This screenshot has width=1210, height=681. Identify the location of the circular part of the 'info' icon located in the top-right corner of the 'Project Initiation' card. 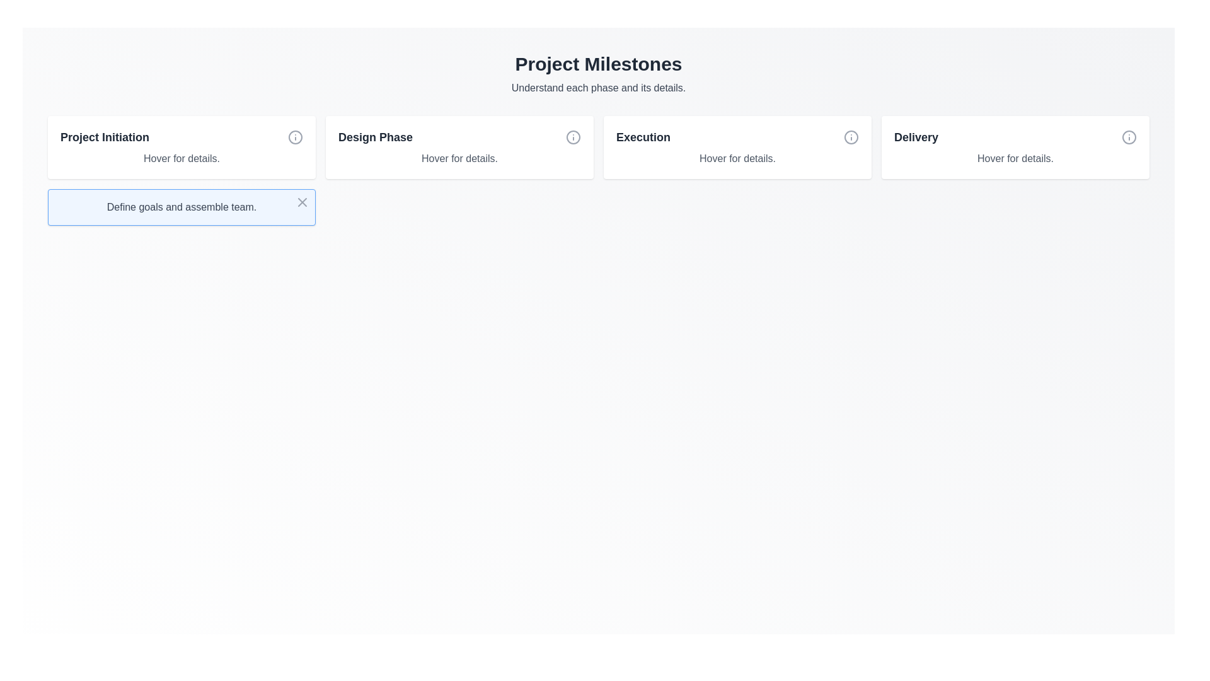
(295, 137).